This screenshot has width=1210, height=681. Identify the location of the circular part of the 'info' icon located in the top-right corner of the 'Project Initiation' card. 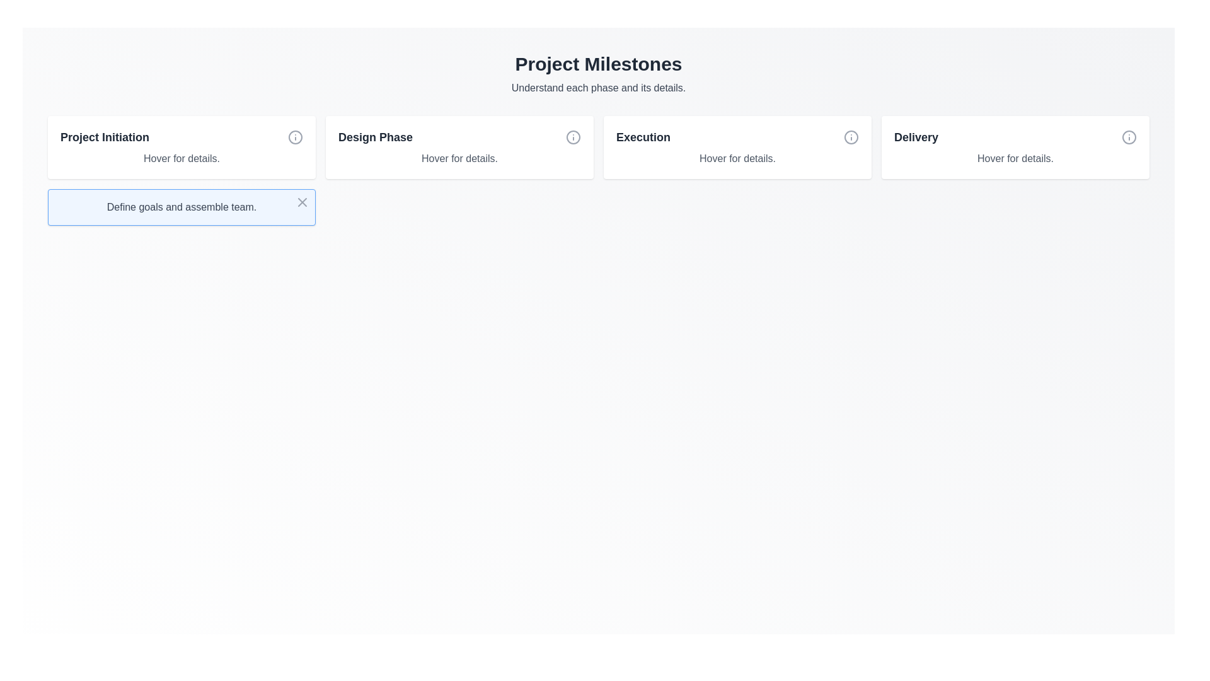
(295, 137).